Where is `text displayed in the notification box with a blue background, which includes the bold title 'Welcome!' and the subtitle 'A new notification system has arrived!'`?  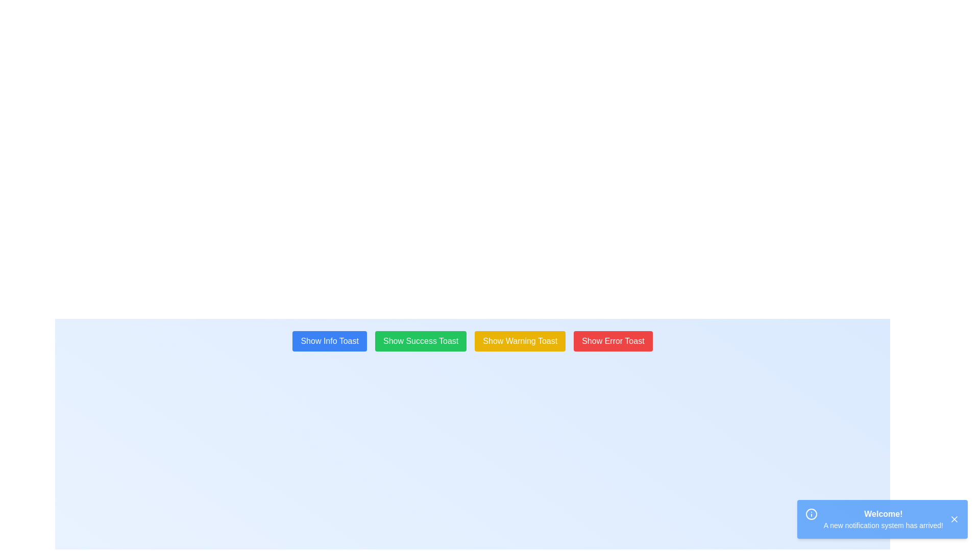 text displayed in the notification box with a blue background, which includes the bold title 'Welcome!' and the subtitle 'A new notification system has arrived!' is located at coordinates (883, 519).